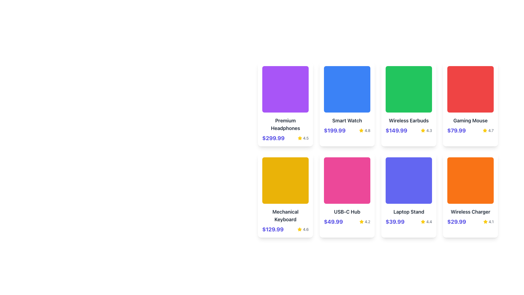 This screenshot has height=295, width=524. Describe the element at coordinates (429, 131) in the screenshot. I see `the label displaying the numerical rating '4.3', which is positioned immediately to the right of the yellow star icon in the third card of the item grid` at that location.